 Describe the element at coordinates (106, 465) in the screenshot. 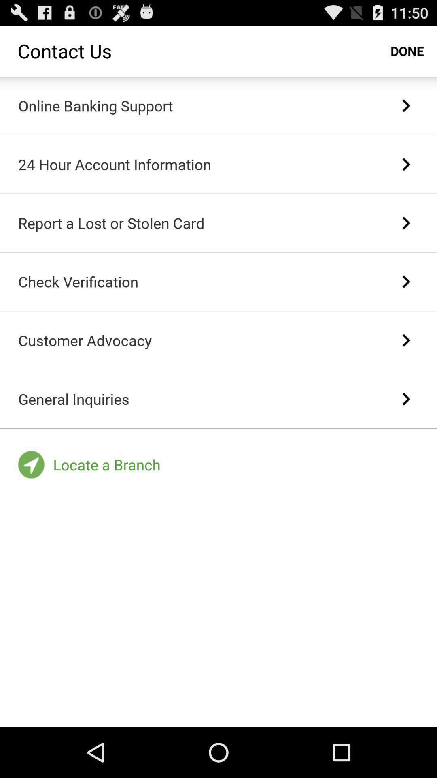

I see `the text  locate a branch at the bottom of the page` at that location.